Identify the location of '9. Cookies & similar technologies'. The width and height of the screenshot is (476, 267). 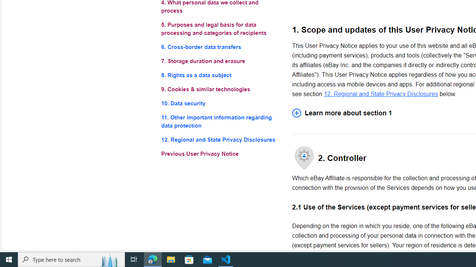
(220, 89).